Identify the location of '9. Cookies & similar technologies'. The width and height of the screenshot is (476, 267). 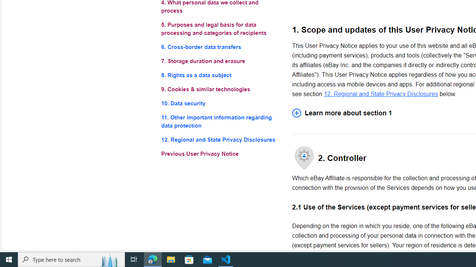
(220, 89).